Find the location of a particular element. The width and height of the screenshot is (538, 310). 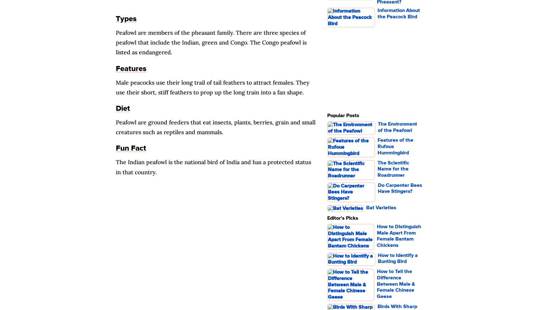

'Do Carpenter Bees Have Stingers?' is located at coordinates (399, 188).